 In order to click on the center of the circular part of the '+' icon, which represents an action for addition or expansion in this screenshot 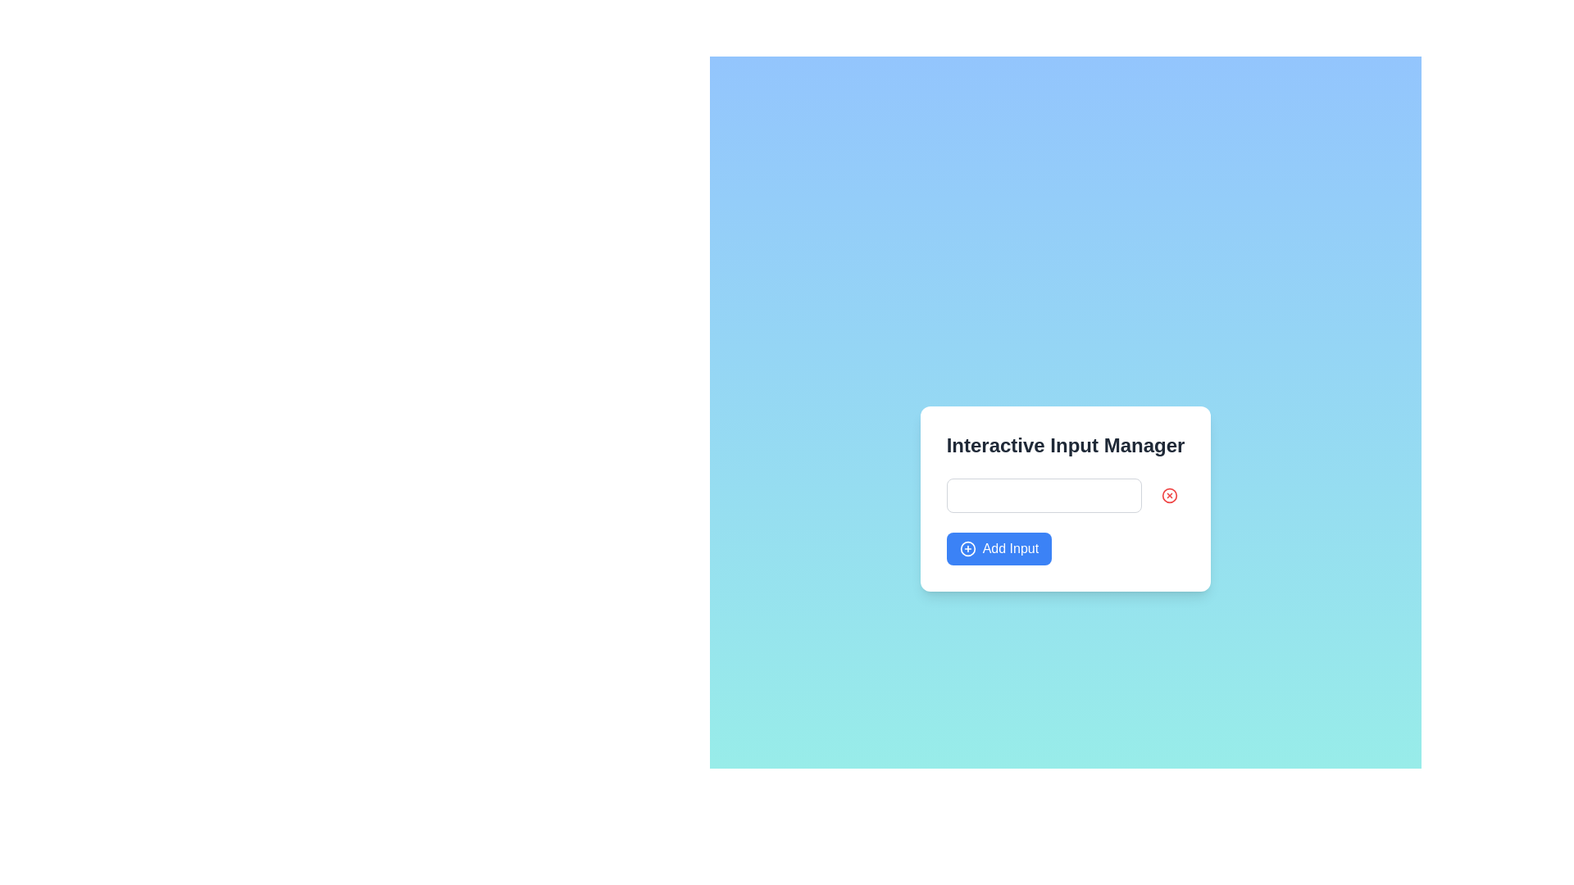, I will do `click(967, 549)`.